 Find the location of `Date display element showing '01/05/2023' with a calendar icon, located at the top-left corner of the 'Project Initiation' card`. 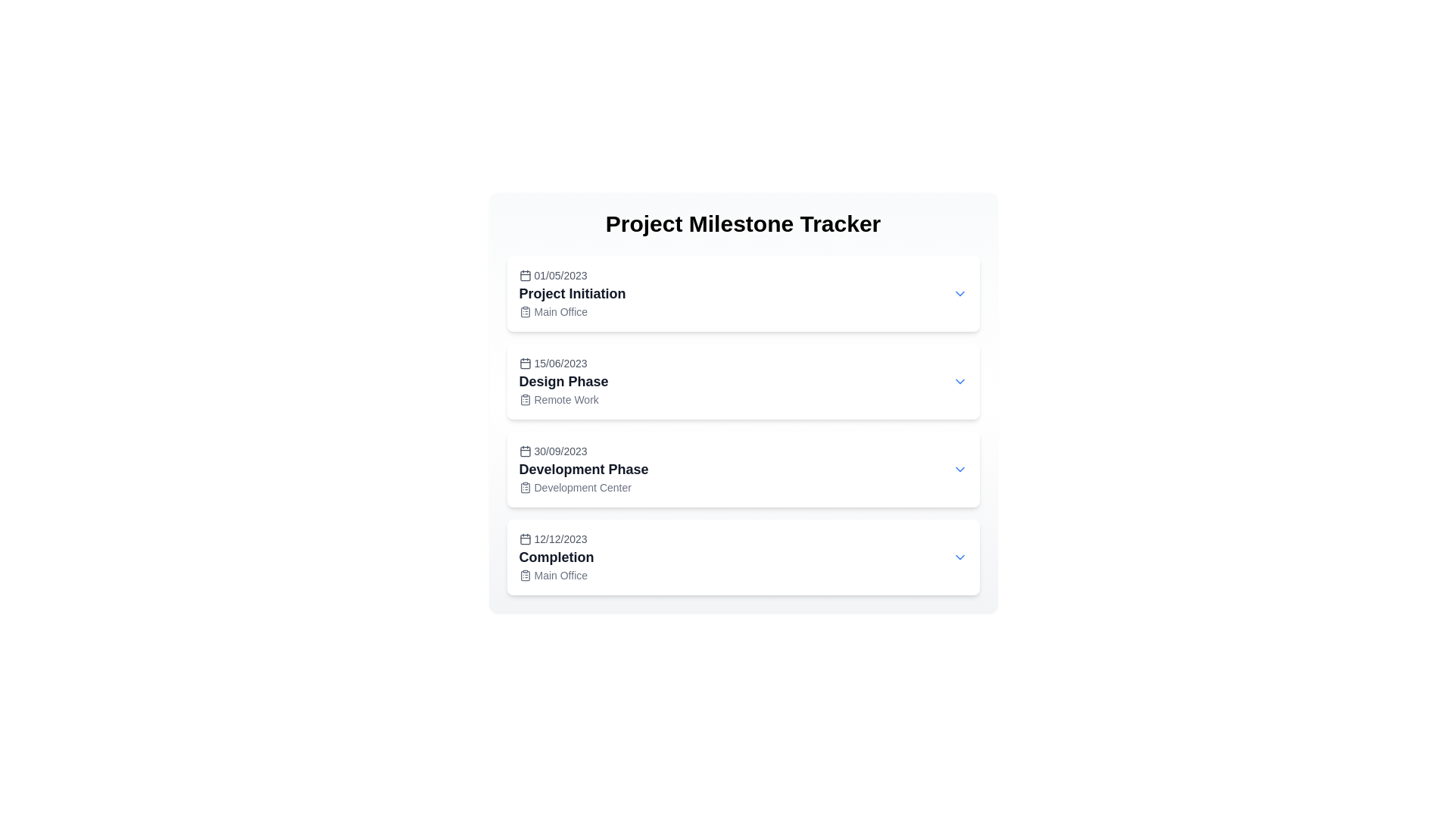

Date display element showing '01/05/2023' with a calendar icon, located at the top-left corner of the 'Project Initiation' card is located at coordinates (571, 275).